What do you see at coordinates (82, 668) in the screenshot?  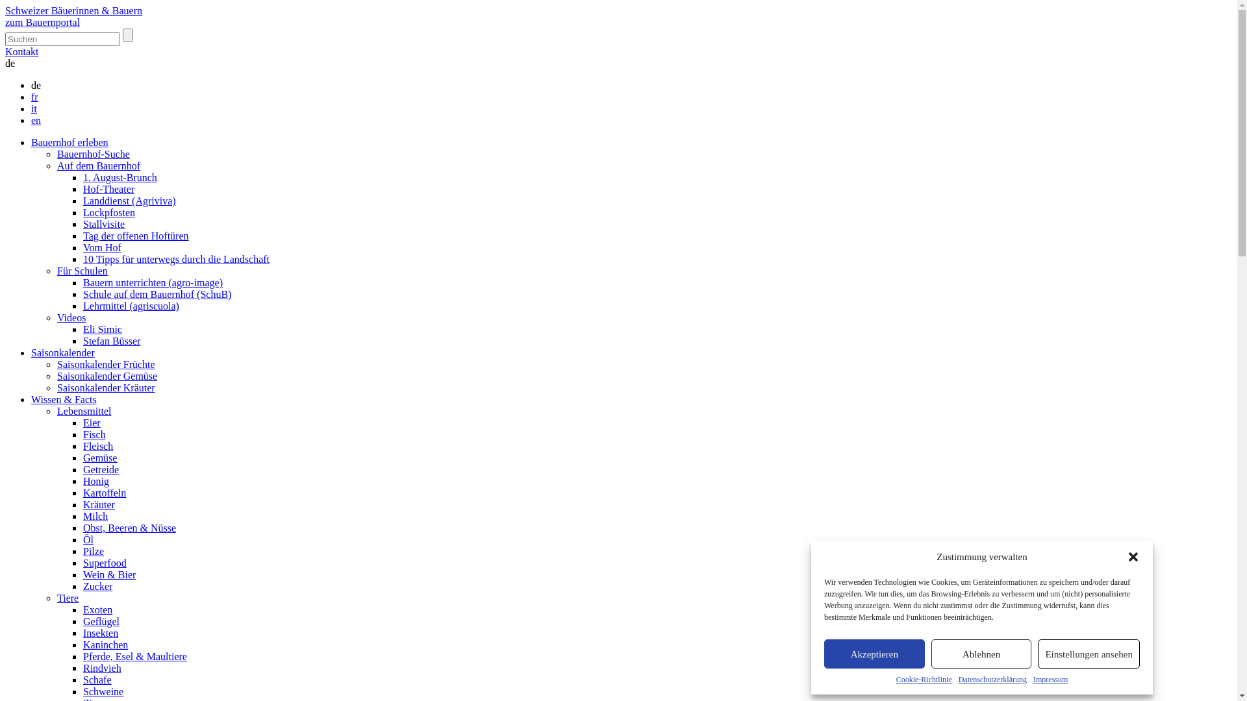 I see `'Rindvieh'` at bounding box center [82, 668].